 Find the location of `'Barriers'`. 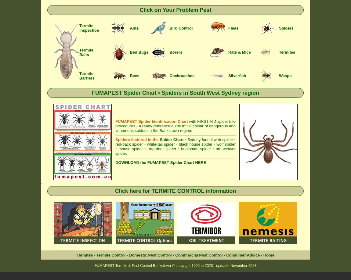

'Barriers' is located at coordinates (79, 78).